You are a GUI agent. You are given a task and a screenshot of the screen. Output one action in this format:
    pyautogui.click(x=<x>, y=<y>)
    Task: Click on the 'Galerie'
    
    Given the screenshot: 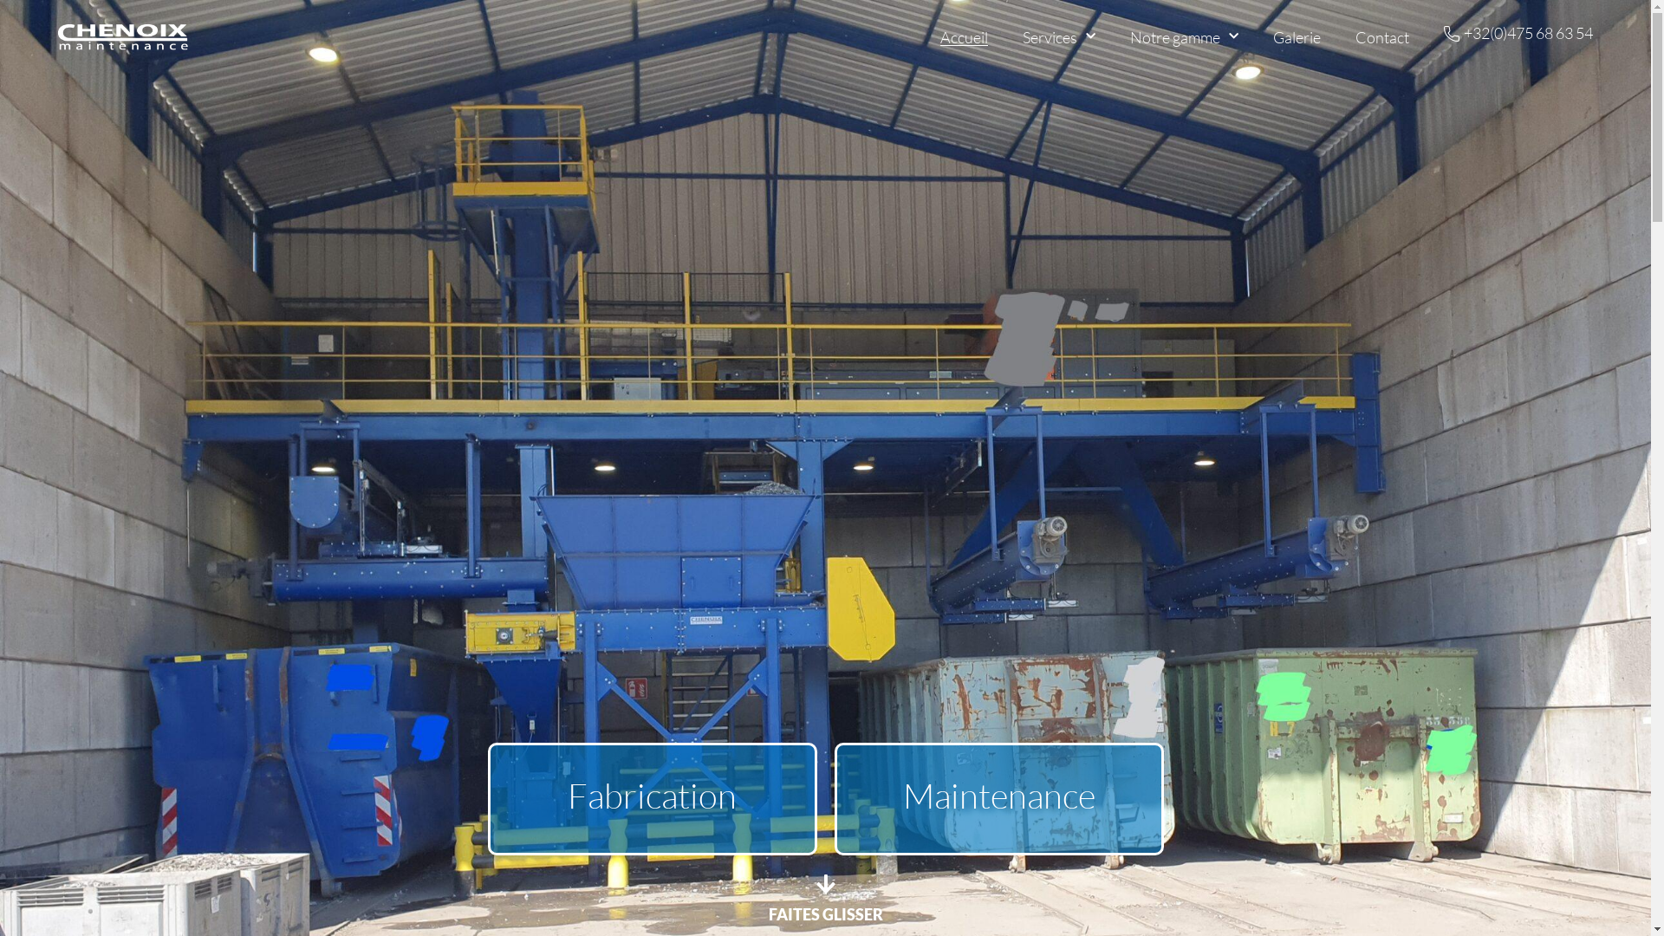 What is the action you would take?
    pyautogui.click(x=1297, y=36)
    